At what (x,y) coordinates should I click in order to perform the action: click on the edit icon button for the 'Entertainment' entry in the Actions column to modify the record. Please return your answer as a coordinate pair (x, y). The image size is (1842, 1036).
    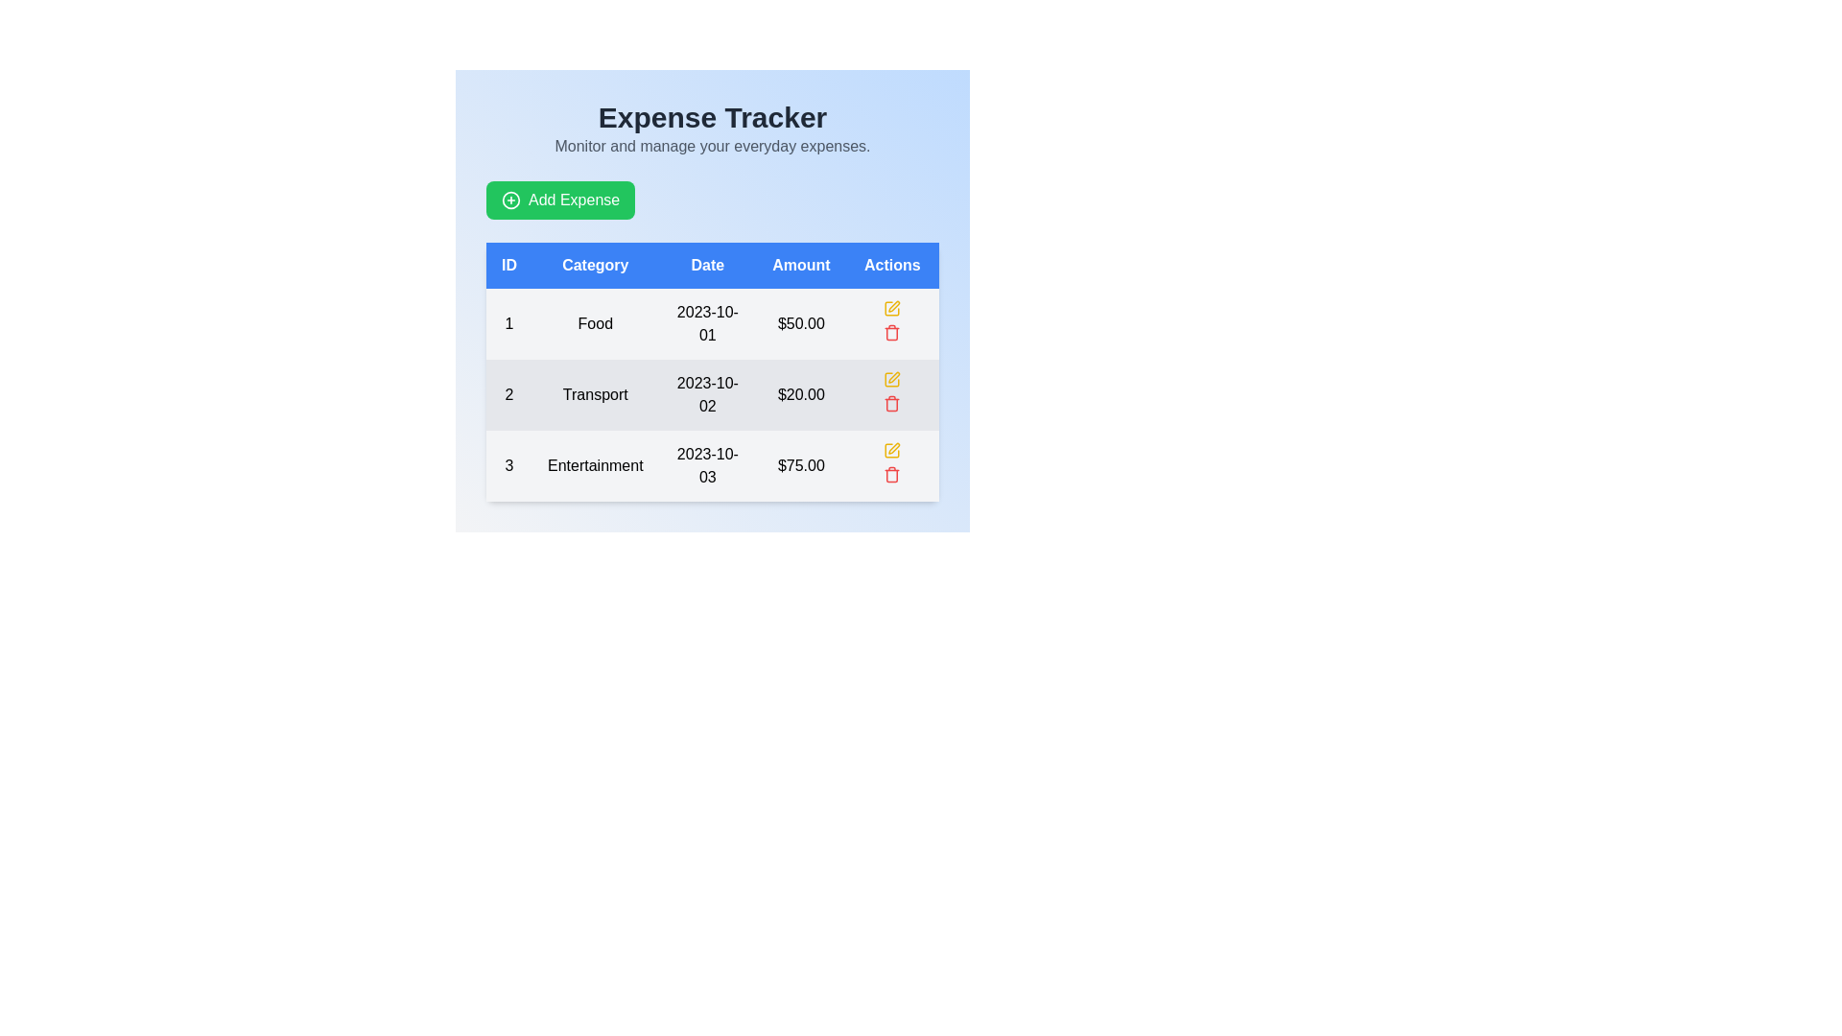
    Looking at the image, I should click on (891, 451).